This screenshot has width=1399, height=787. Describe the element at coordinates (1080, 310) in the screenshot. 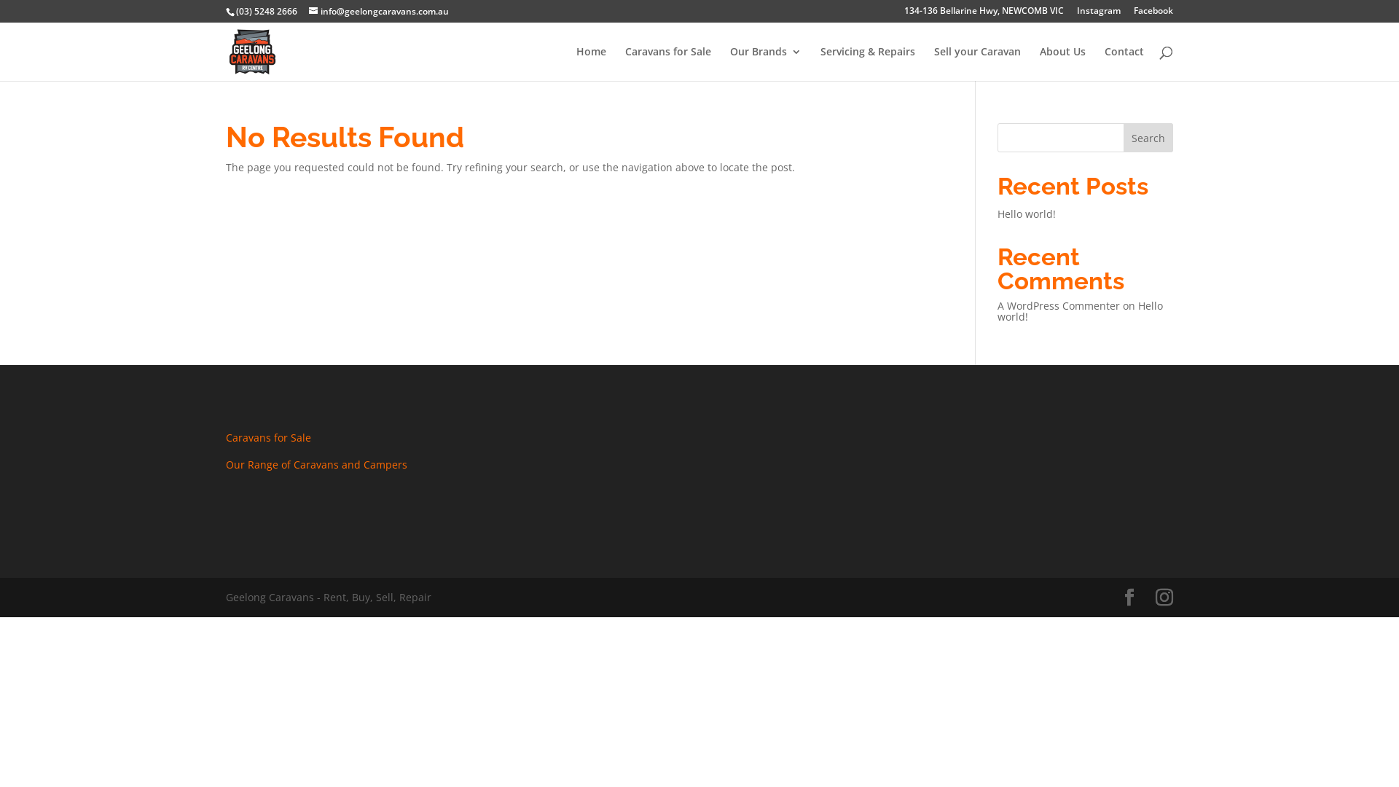

I see `'Hello world!'` at that location.